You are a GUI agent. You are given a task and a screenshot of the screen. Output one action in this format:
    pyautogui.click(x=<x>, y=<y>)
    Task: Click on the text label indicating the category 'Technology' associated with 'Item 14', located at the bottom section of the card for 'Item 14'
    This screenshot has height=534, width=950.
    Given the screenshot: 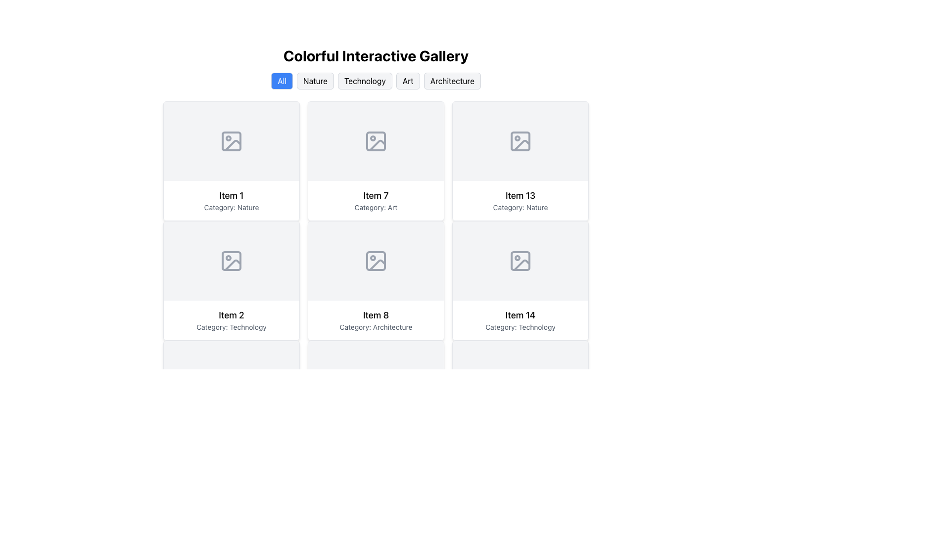 What is the action you would take?
    pyautogui.click(x=520, y=327)
    